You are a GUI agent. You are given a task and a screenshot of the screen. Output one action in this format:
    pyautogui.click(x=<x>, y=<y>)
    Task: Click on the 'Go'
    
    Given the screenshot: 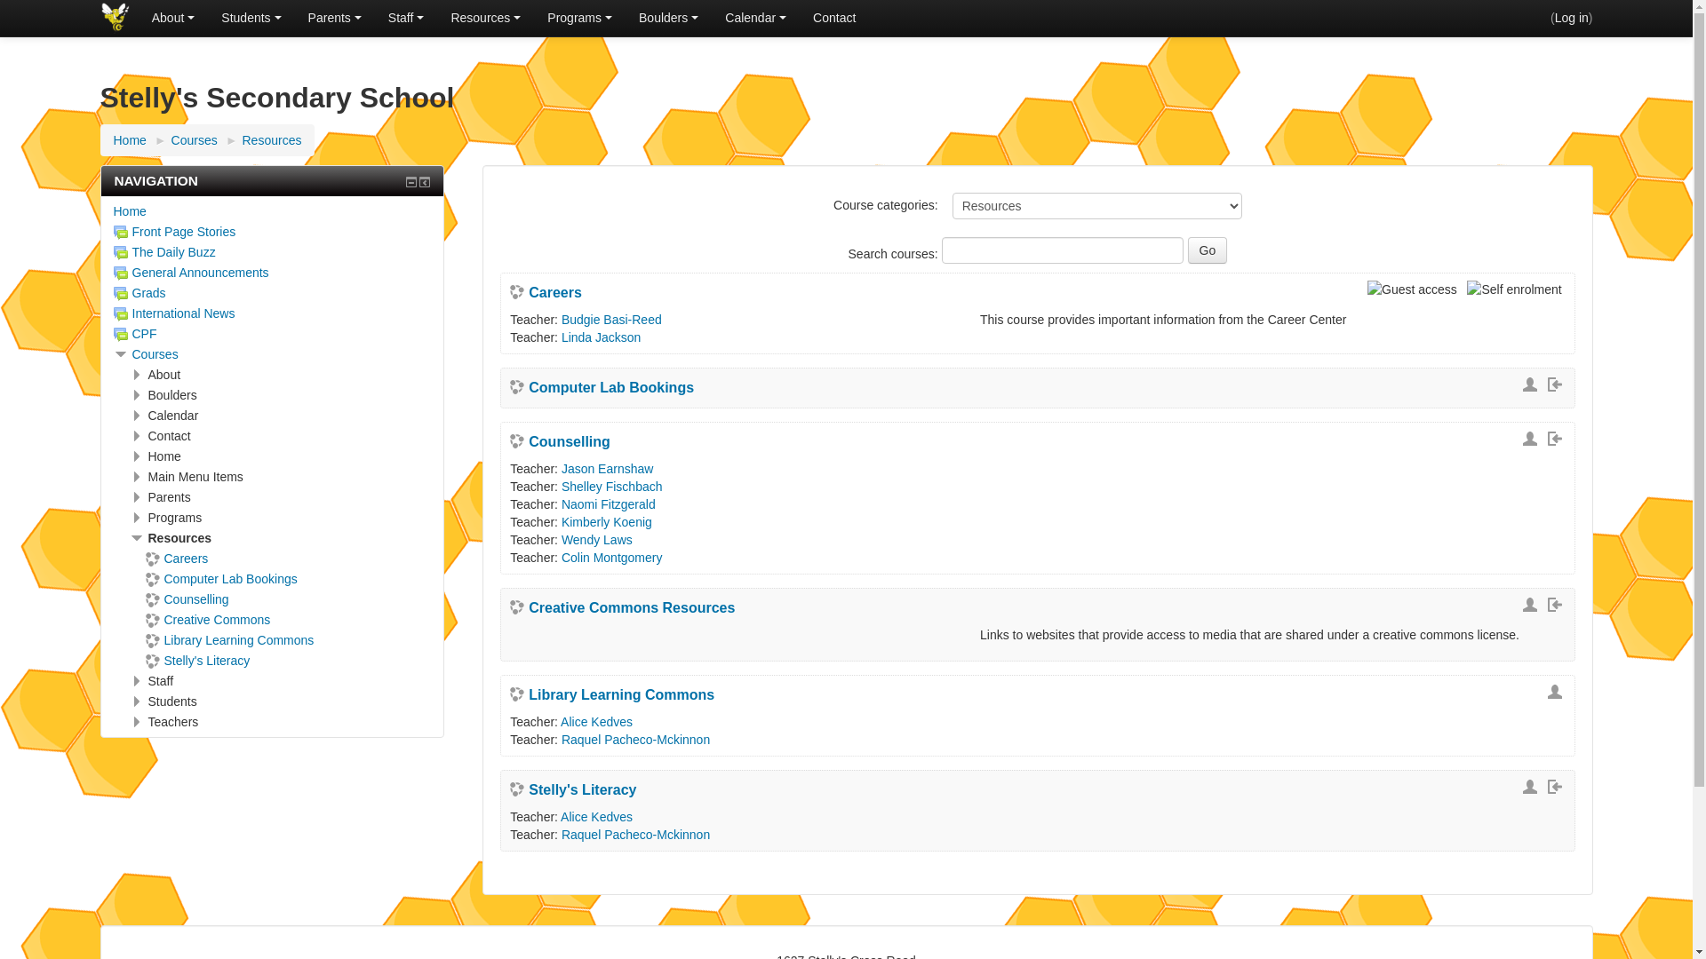 What is the action you would take?
    pyautogui.click(x=1208, y=250)
    